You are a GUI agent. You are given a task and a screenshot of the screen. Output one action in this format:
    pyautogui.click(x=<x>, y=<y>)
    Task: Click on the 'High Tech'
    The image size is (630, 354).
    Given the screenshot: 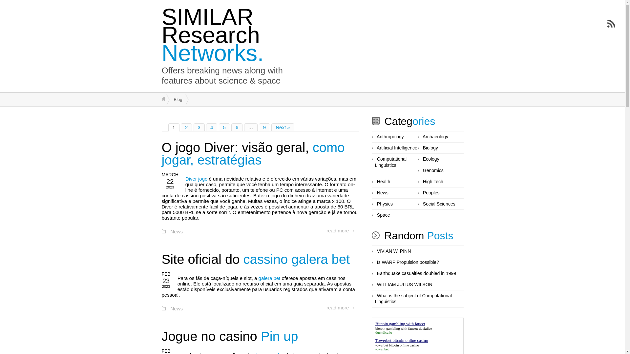 What is the action you would take?
    pyautogui.click(x=423, y=182)
    